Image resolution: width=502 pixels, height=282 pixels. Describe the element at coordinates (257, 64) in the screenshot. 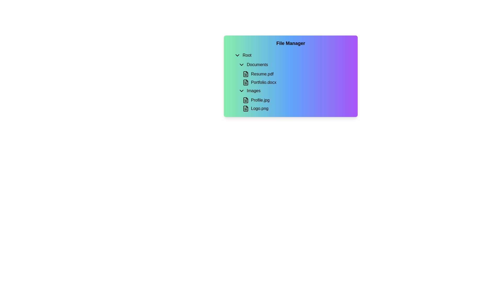

I see `the 'Documents' text label, which is bold, black, and located below the 'Root' text in the hierarchical layout` at that location.